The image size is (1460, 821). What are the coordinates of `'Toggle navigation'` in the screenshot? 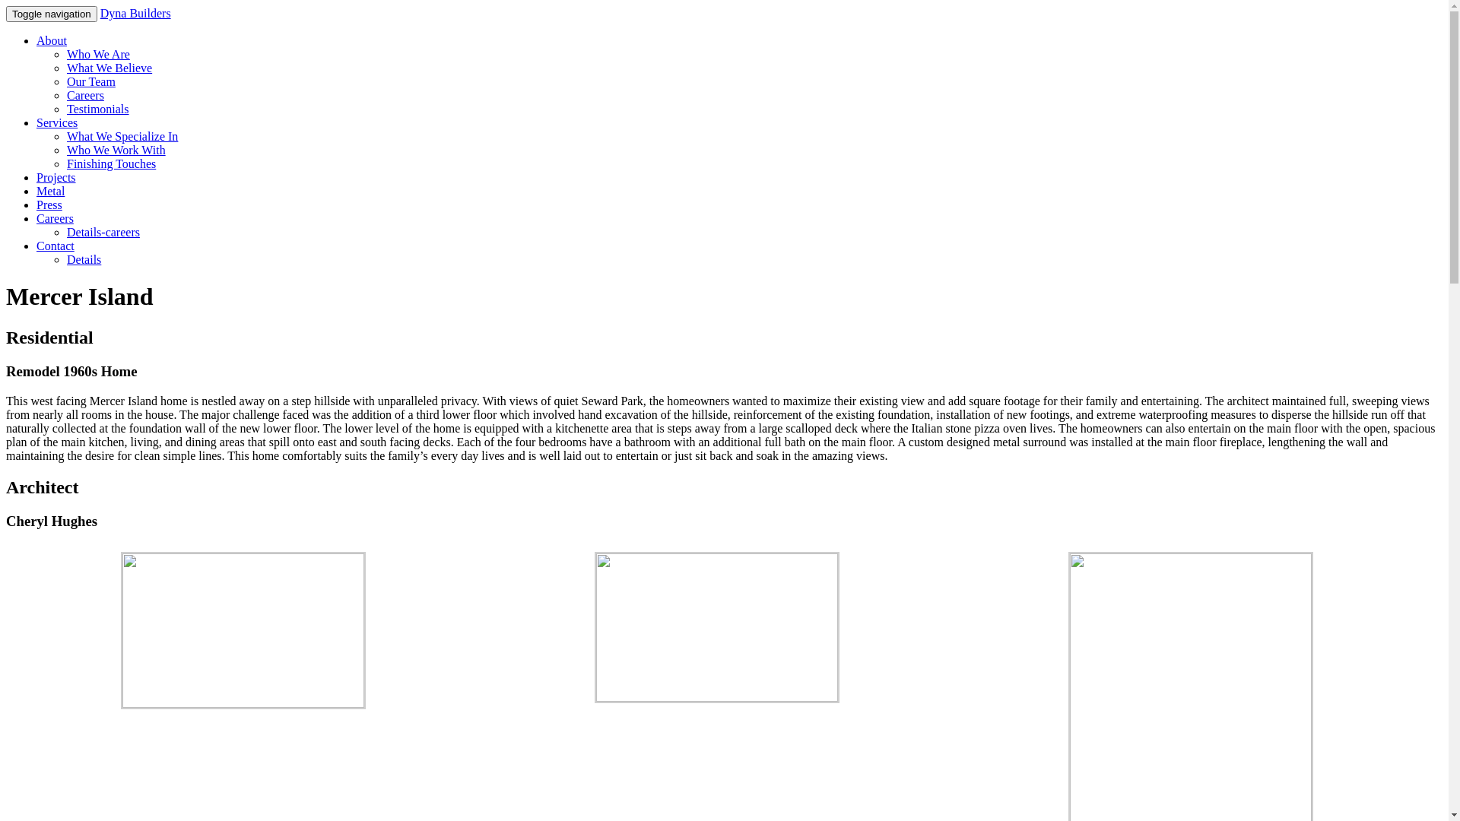 It's located at (51, 14).